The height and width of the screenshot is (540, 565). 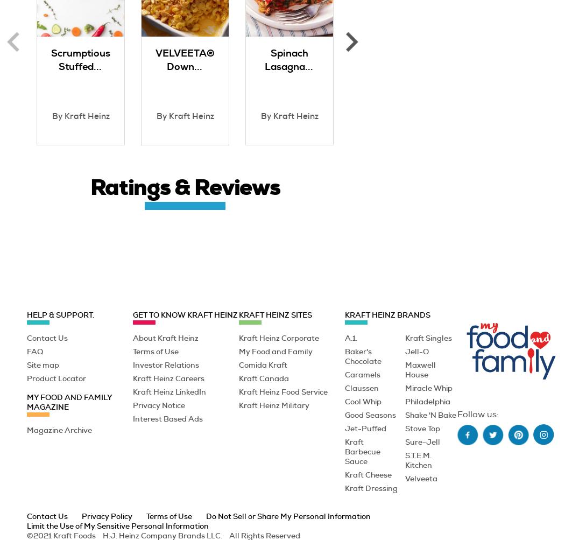 What do you see at coordinates (370, 414) in the screenshot?
I see `'Good Seasons'` at bounding box center [370, 414].